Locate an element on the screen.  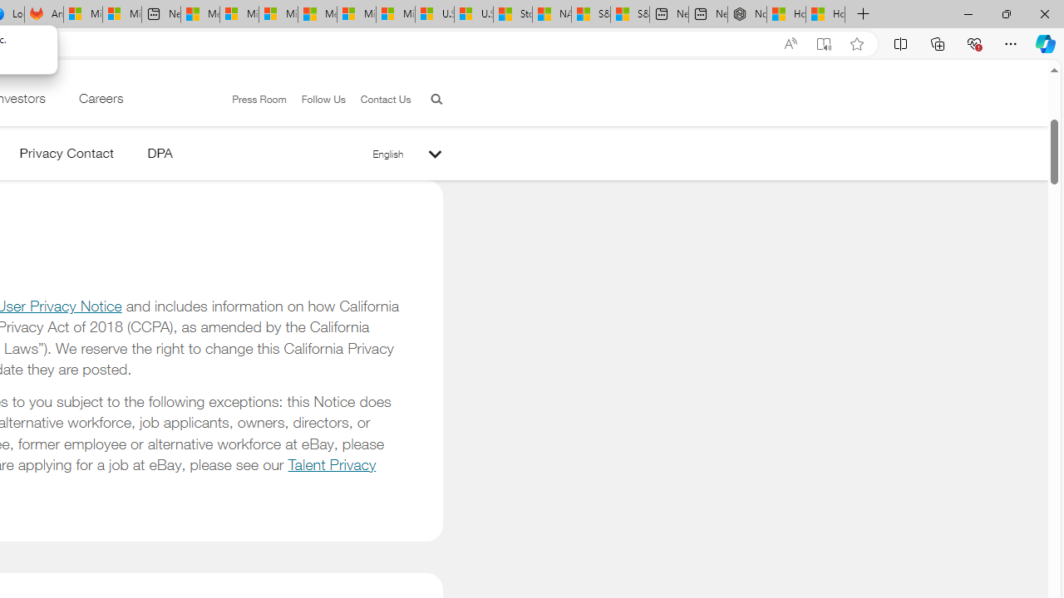
'Enter Immersive Reader (F9)' is located at coordinates (824, 43).